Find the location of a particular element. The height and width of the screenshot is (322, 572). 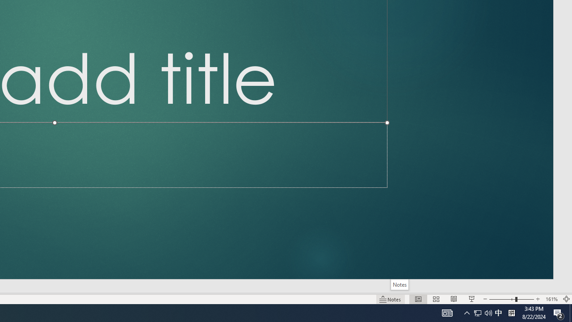

'Zoom 161%' is located at coordinates (551, 299).